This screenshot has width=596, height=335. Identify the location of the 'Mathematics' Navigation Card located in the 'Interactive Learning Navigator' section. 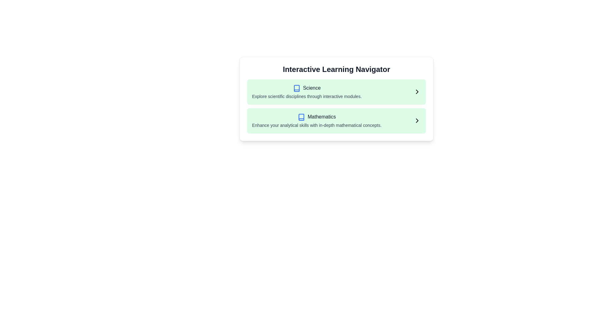
(336, 121).